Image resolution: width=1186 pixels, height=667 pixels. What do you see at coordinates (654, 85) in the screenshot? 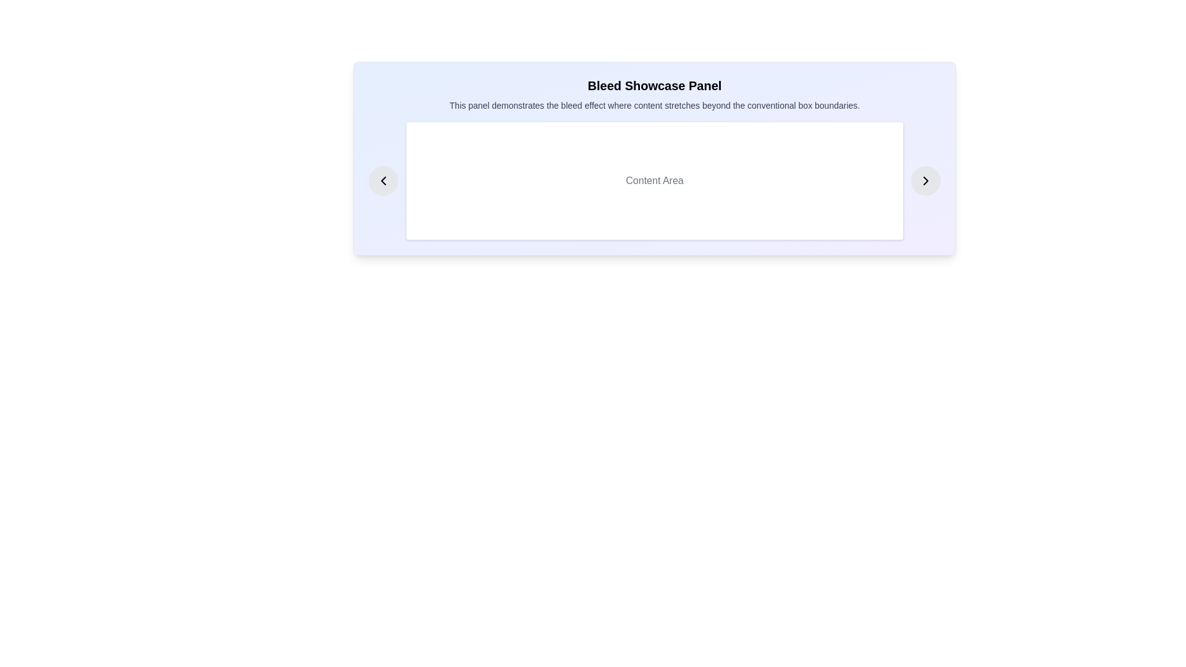
I see `the Text Header that reads 'Bleed Showcase Panel', which is prominently styled with bold text and located at the top section of a panel` at bounding box center [654, 85].